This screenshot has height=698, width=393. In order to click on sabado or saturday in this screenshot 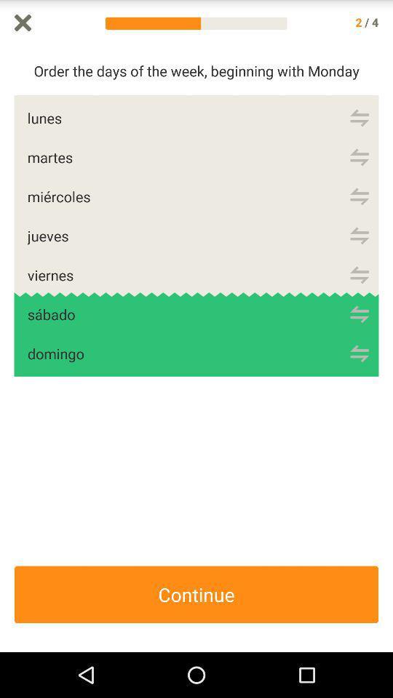, I will do `click(359, 314)`.